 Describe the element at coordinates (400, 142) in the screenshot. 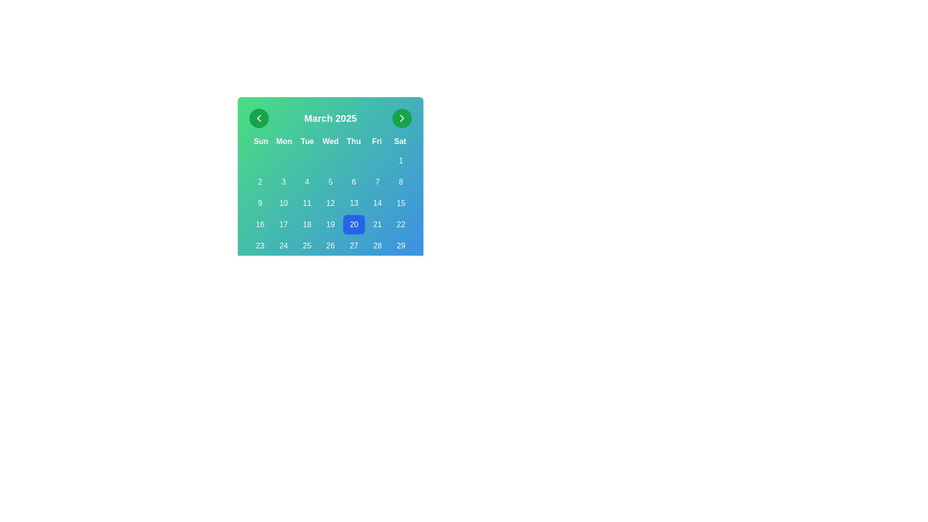

I see `the text label indicating 'Saturday', which is the last label in a row of week day labels at the top of the calendar interface` at that location.